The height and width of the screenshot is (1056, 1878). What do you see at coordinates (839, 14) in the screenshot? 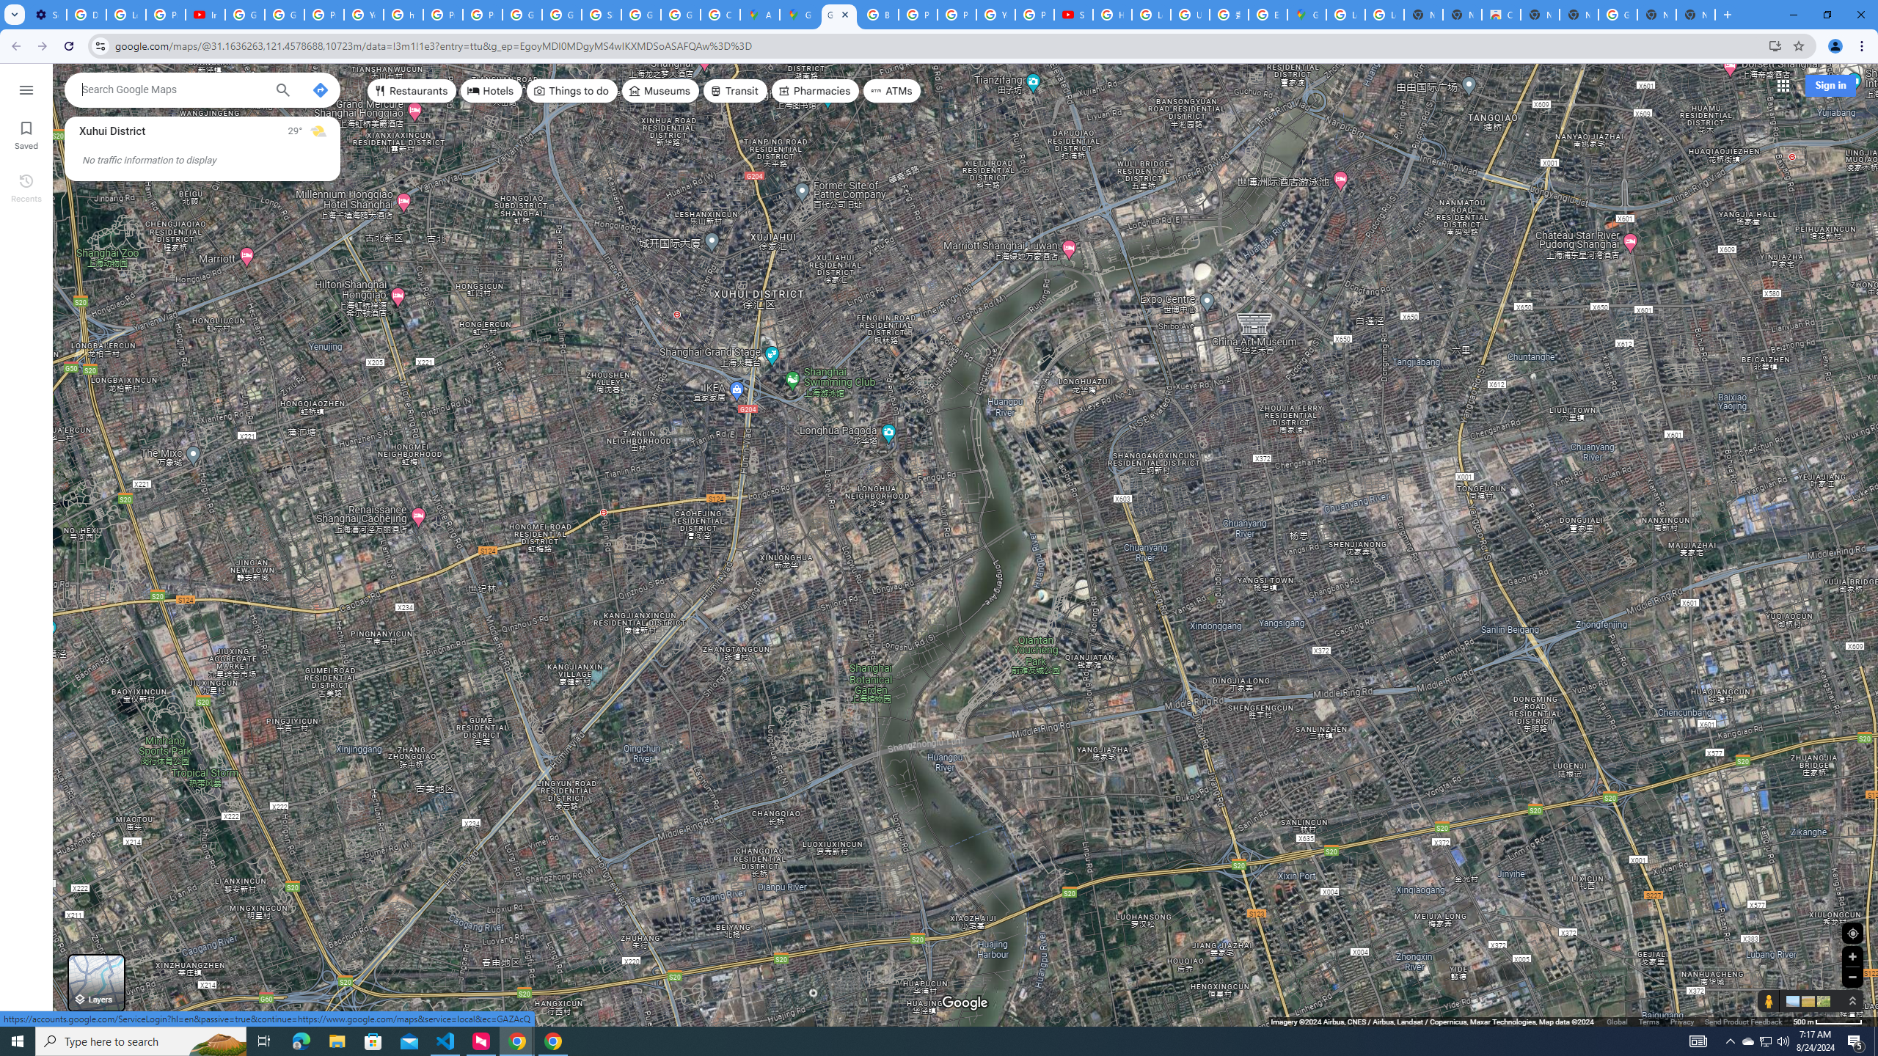
I see `'Google Maps'` at bounding box center [839, 14].